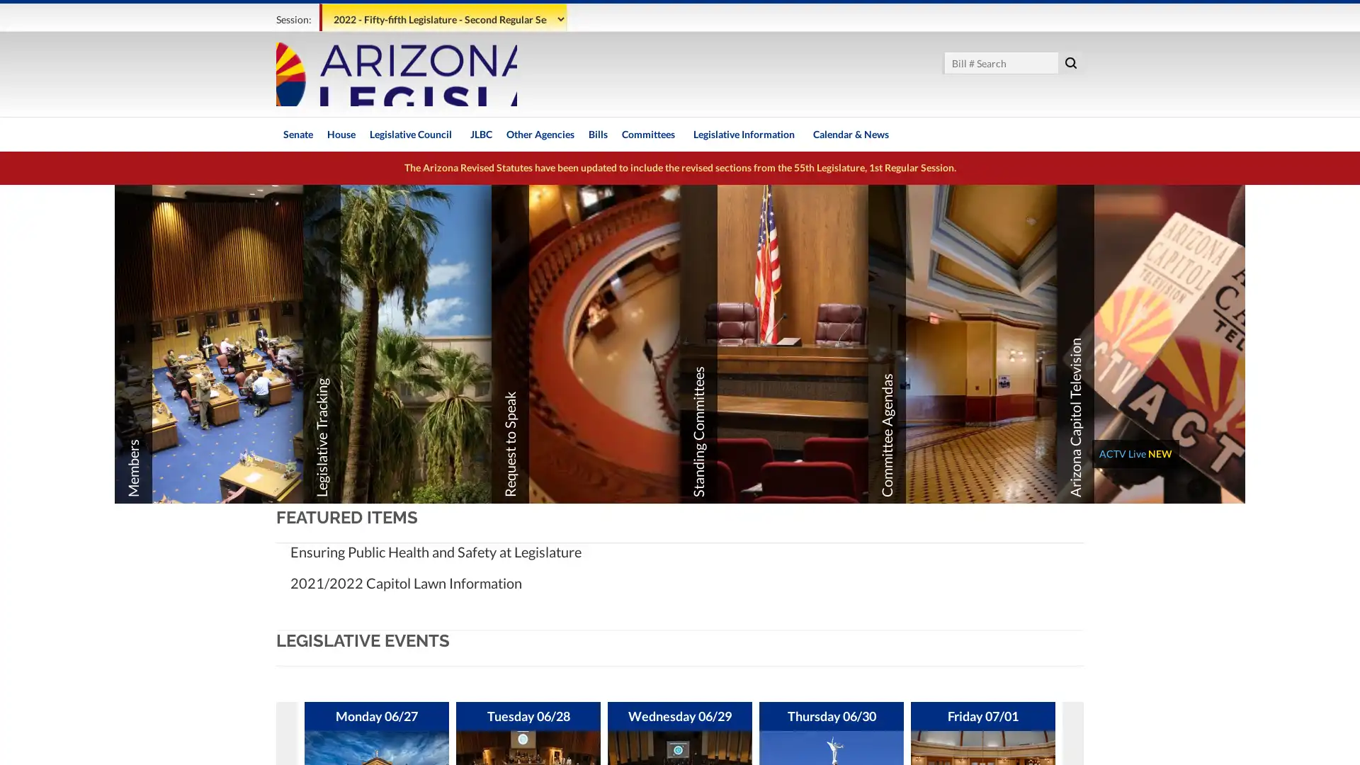 Image resolution: width=1360 pixels, height=765 pixels. What do you see at coordinates (1071, 62) in the screenshot?
I see `Bill Number Search` at bounding box center [1071, 62].